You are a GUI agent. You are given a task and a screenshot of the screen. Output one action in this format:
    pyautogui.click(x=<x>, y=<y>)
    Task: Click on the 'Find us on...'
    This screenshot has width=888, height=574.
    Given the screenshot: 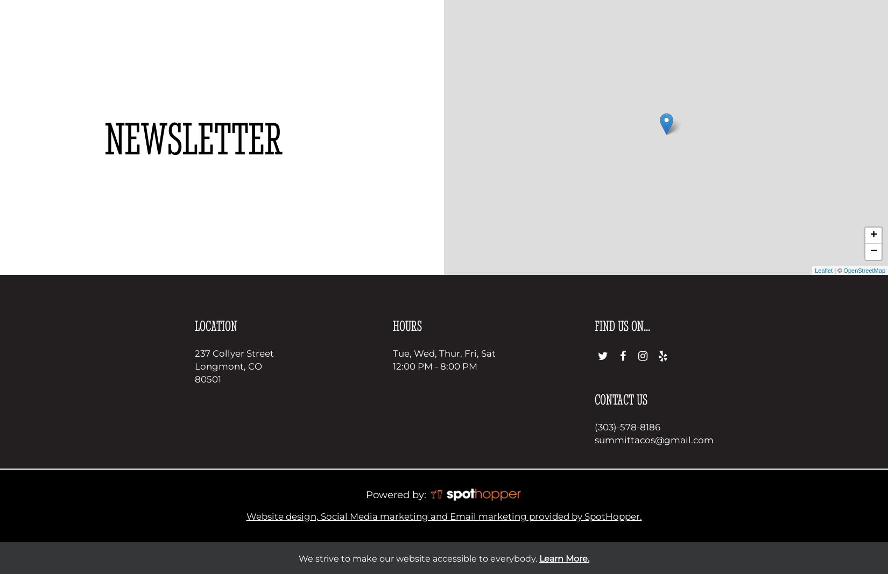 What is the action you would take?
    pyautogui.click(x=594, y=325)
    